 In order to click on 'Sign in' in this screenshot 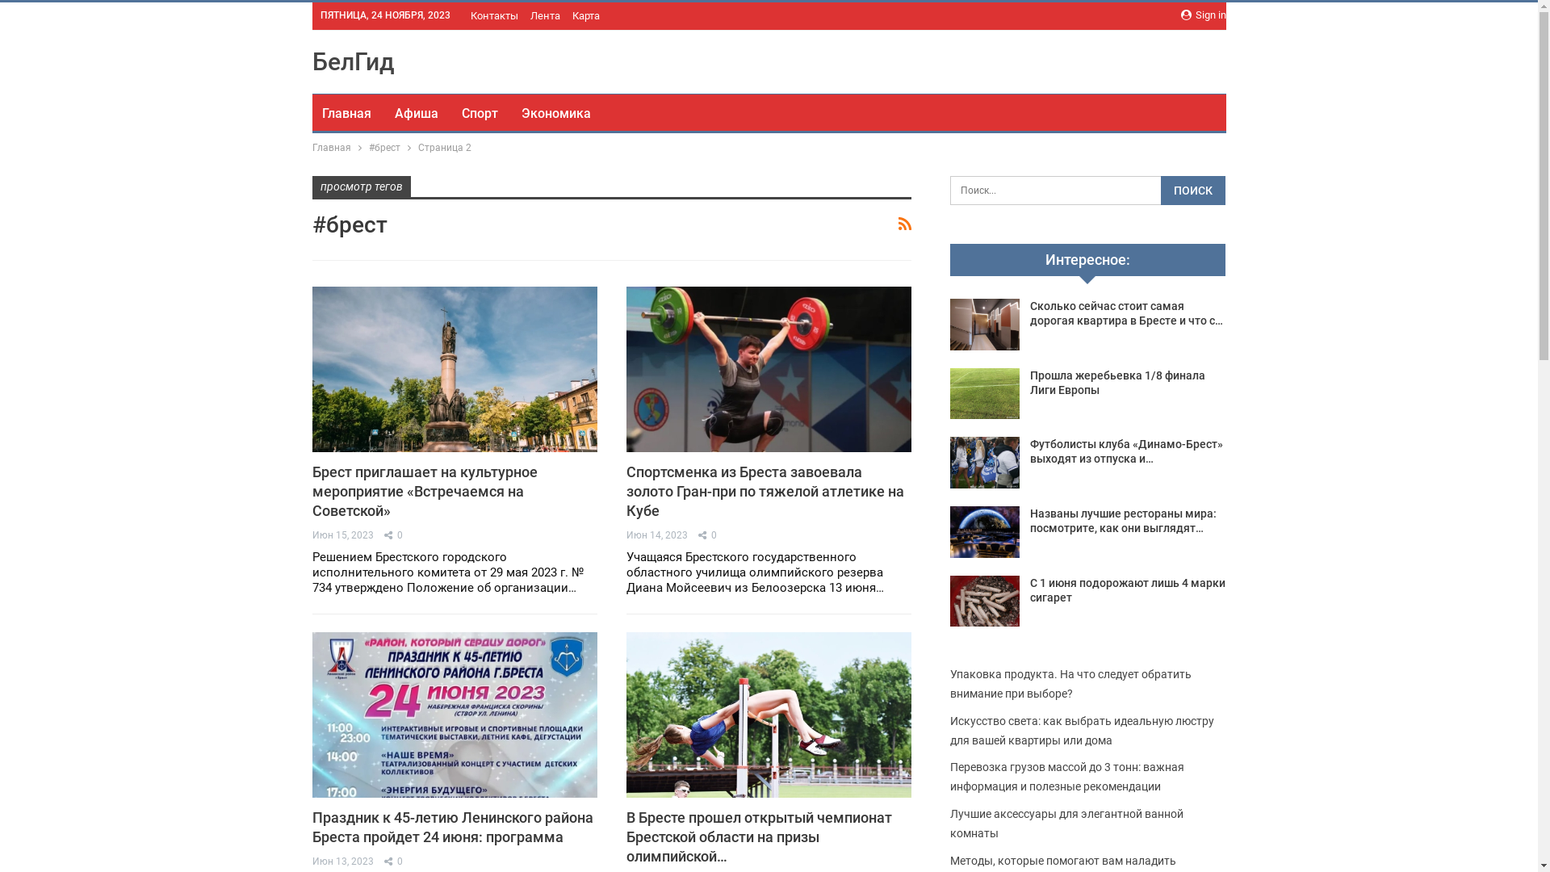, I will do `click(1202, 15)`.